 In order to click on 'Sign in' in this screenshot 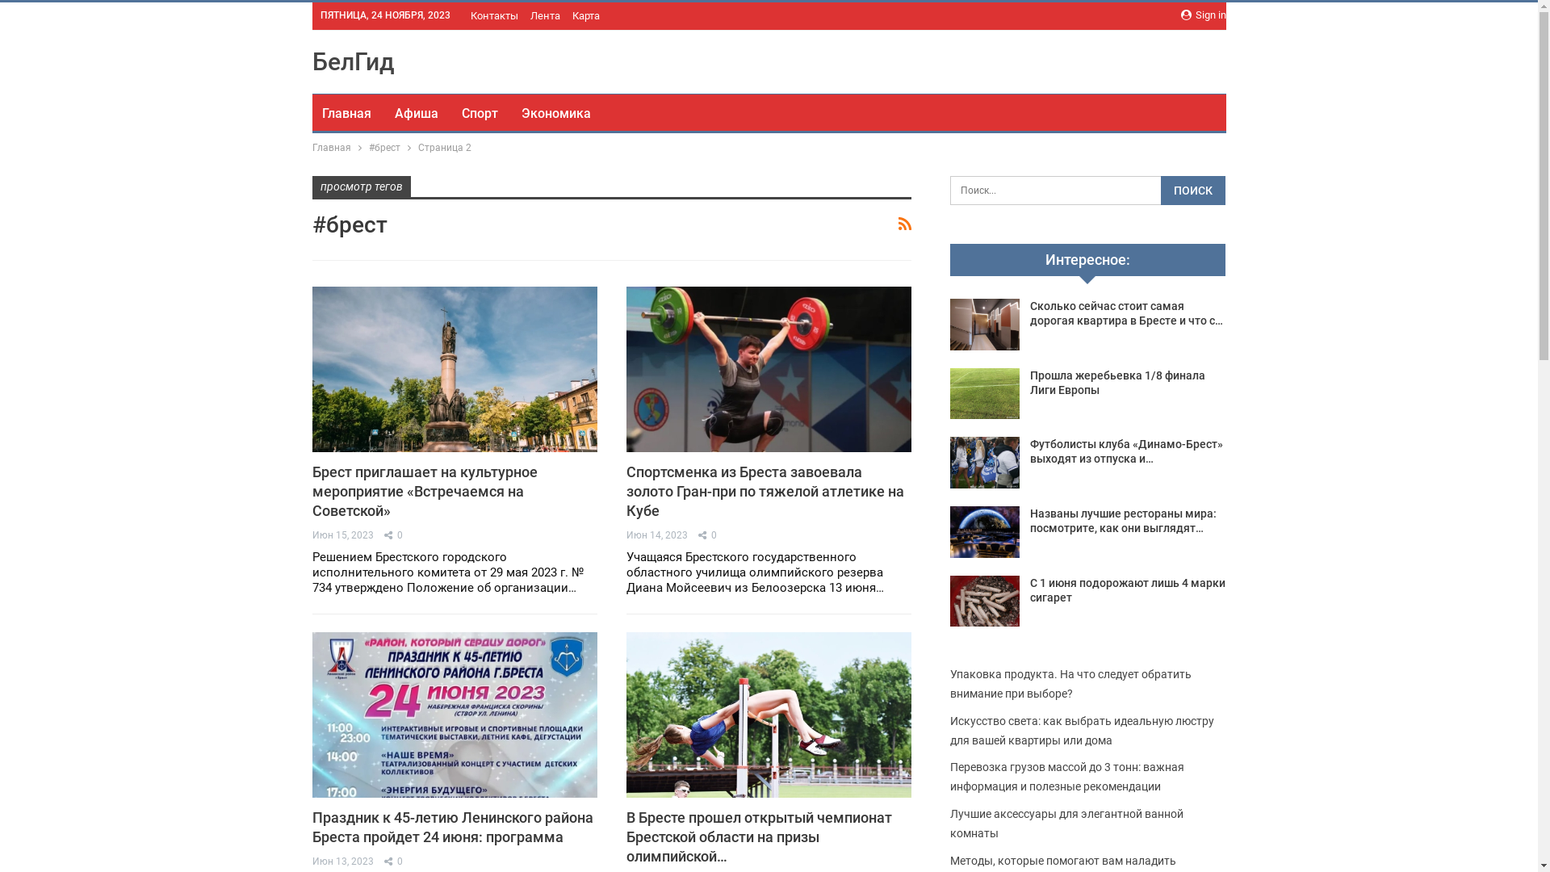, I will do `click(1202, 15)`.